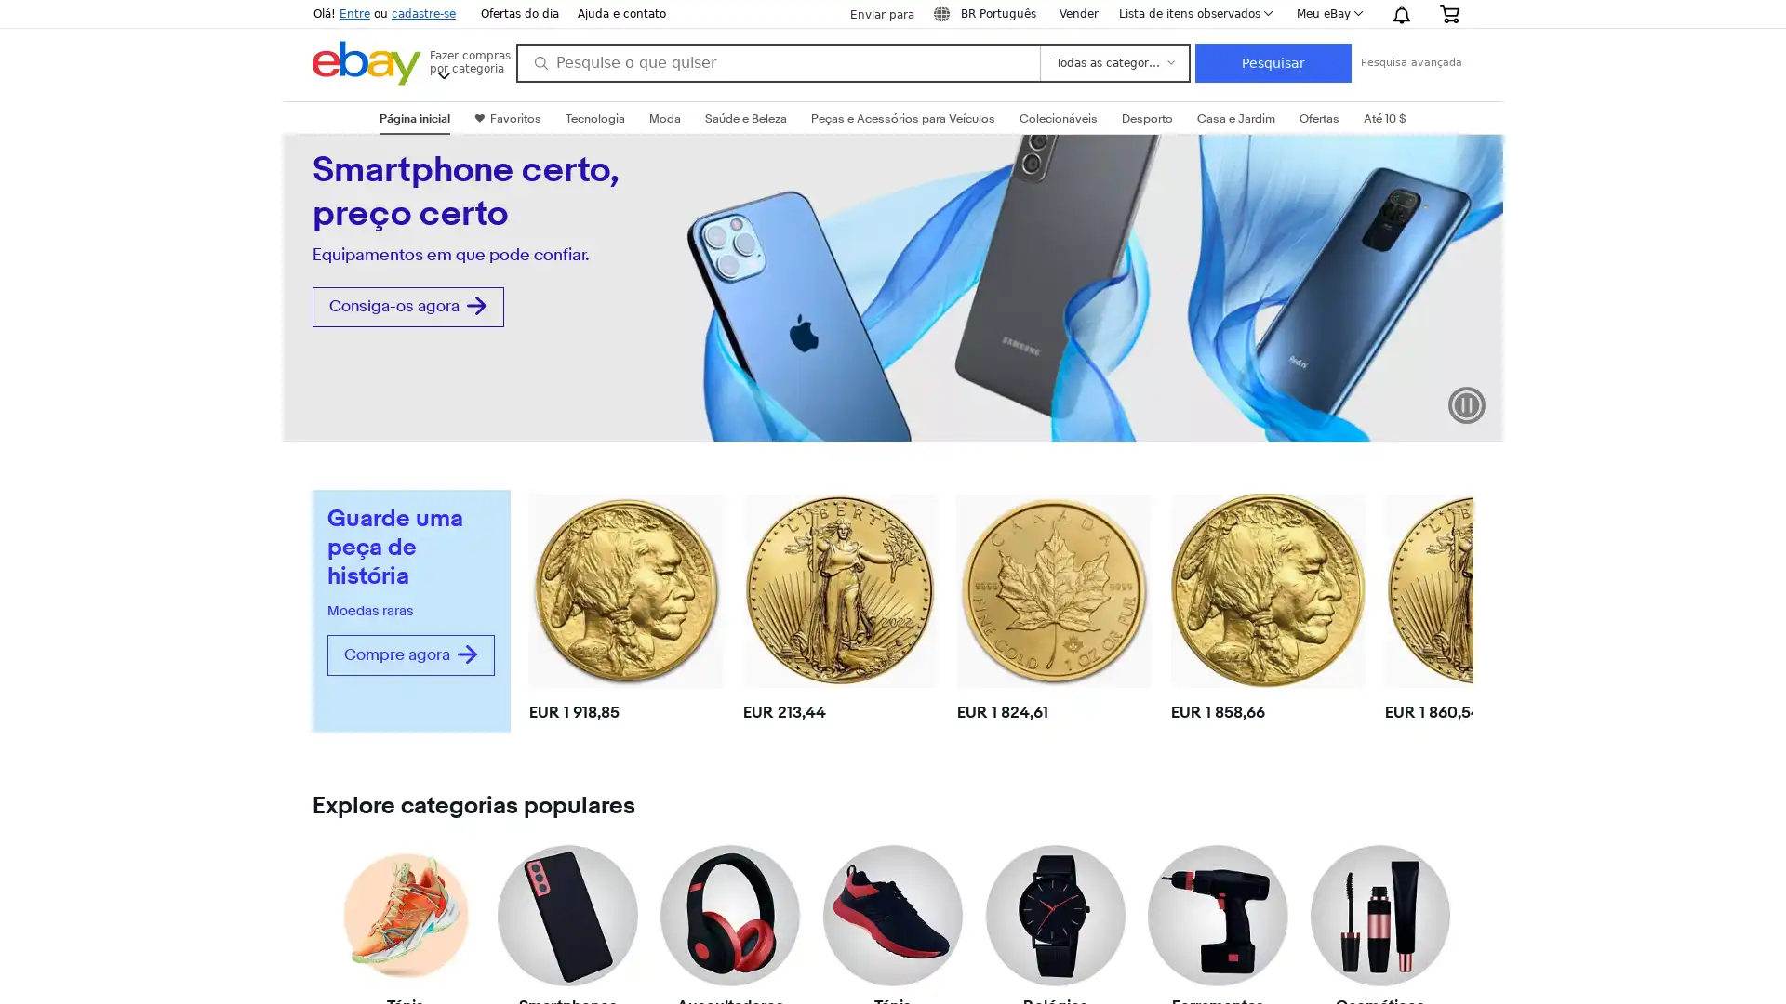 The width and height of the screenshot is (1786, 1004). What do you see at coordinates (539, 605) in the screenshot?
I see `Voltar ao slide anterior - Guarde uma peca de historia` at bounding box center [539, 605].